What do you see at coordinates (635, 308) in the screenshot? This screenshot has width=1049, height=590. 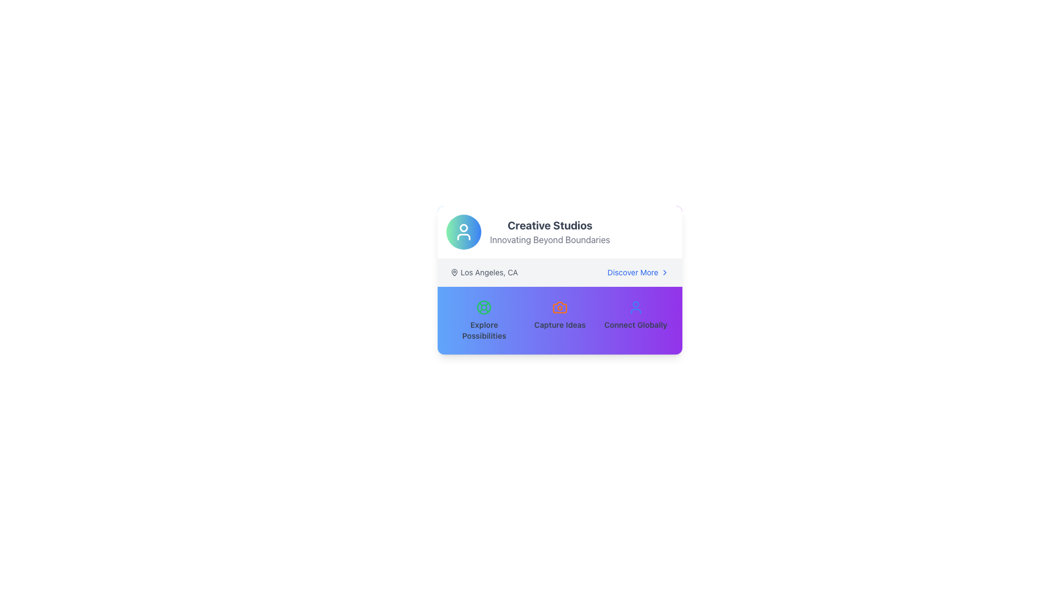 I see `the 'Connect Globally' icon, which is the third icon from the left in the bottom section of the central card layout` at bounding box center [635, 308].